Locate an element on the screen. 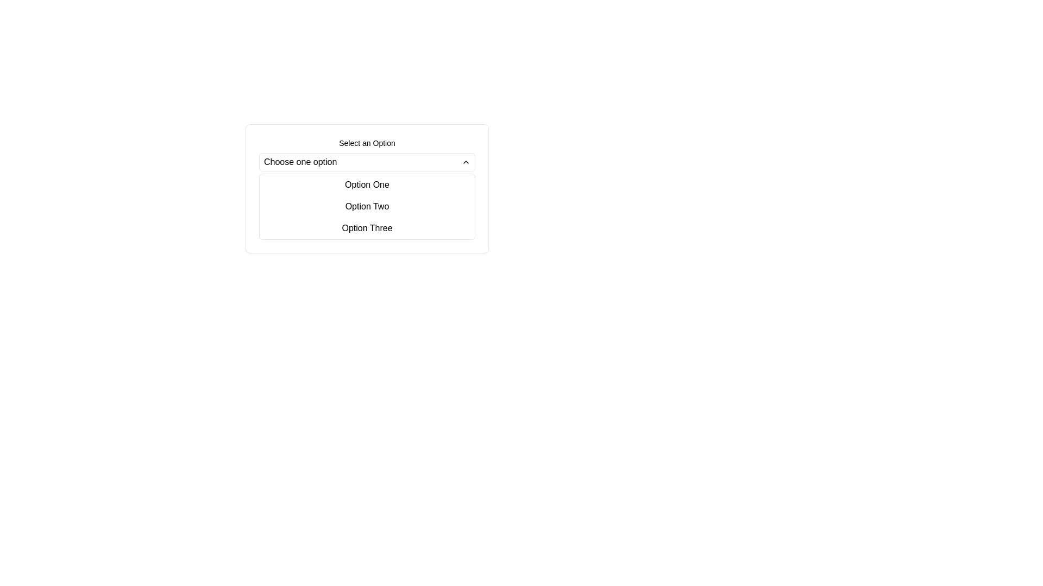 The height and width of the screenshot is (586, 1043). the first option in the dropdown menu located below the 'Choose one option' label is located at coordinates (367, 184).